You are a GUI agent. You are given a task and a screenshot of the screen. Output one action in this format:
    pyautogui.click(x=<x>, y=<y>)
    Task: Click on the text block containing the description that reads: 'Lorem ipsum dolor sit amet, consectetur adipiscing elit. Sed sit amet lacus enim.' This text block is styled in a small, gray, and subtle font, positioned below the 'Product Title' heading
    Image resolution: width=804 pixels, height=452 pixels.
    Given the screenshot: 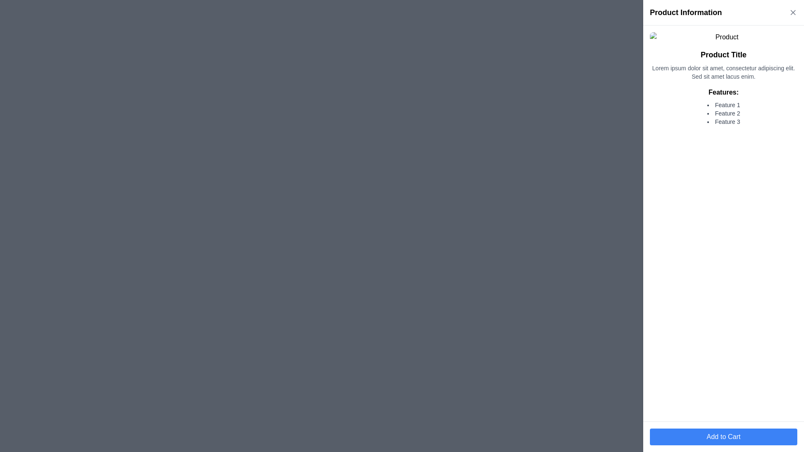 What is the action you would take?
    pyautogui.click(x=723, y=72)
    